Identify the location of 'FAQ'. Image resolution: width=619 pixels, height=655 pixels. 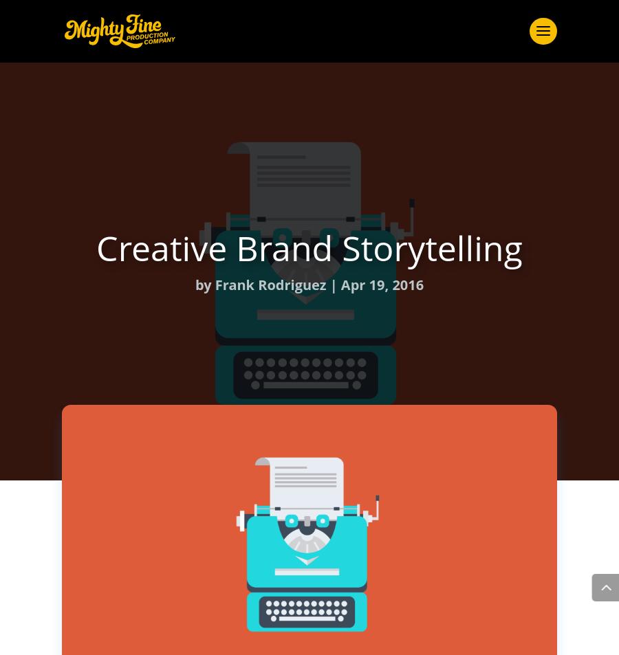
(309, 263).